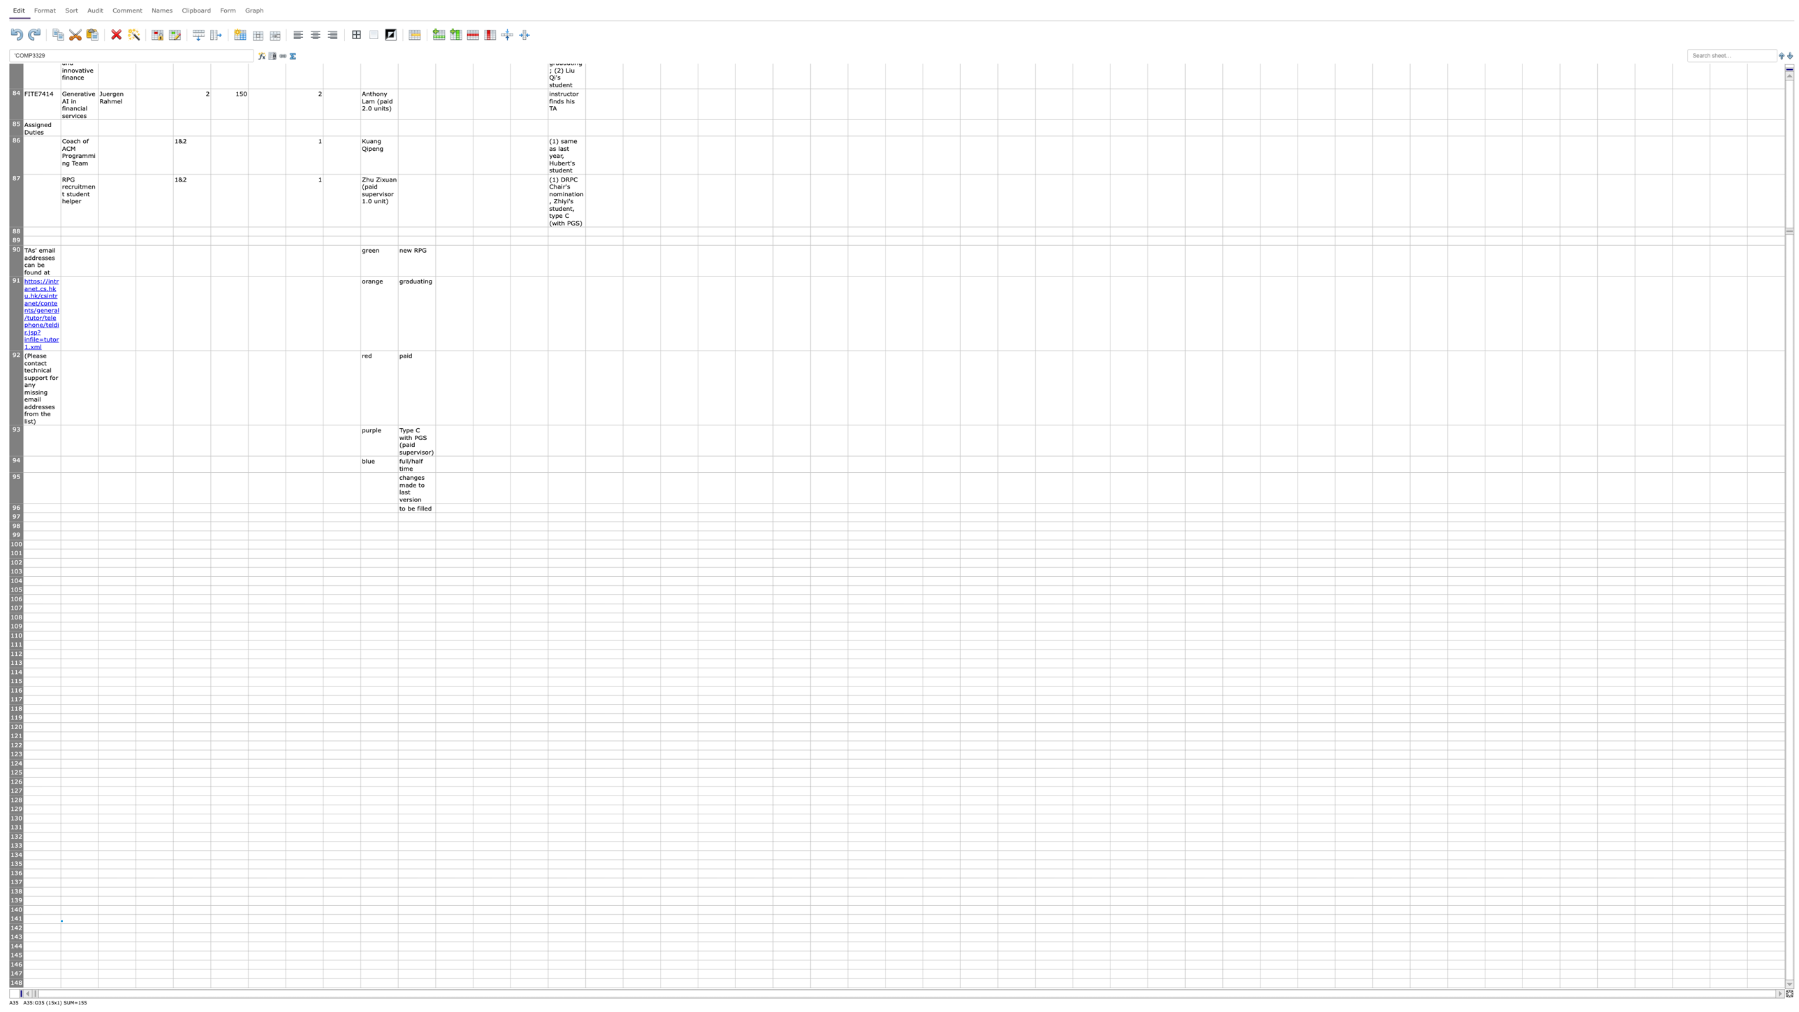 The image size is (1799, 1012). I want to click on row 138's height resize handle, so click(16, 895).